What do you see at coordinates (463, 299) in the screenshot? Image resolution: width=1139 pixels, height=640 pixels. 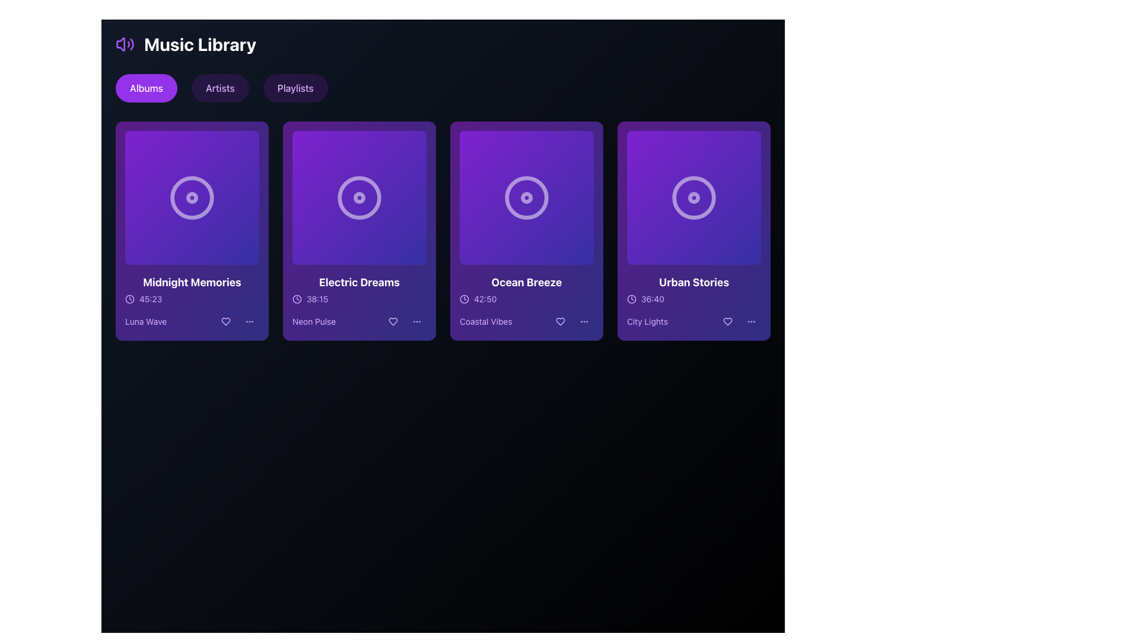 I see `the clock icon located in the 'Ocean Breeze' card, which is identified by its circular outline and clock hands, positioned before the time text '42:50'` at bounding box center [463, 299].